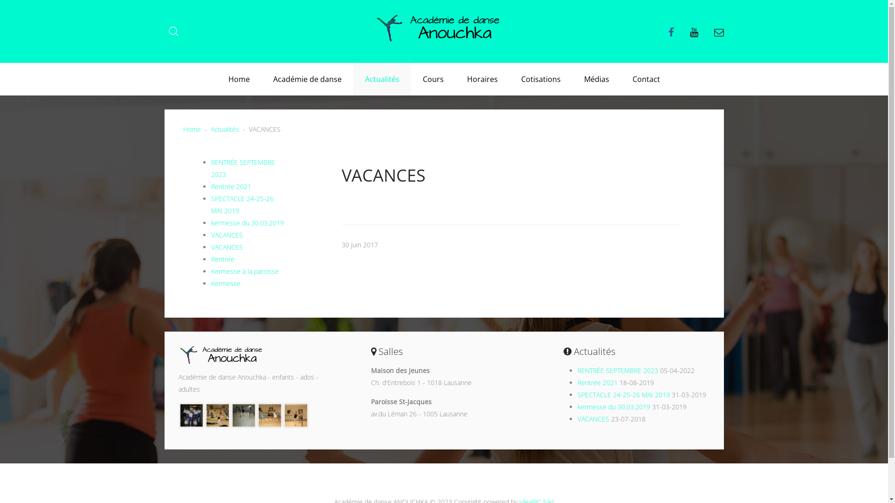 The image size is (895, 503). I want to click on 'Horaires', so click(482, 78).